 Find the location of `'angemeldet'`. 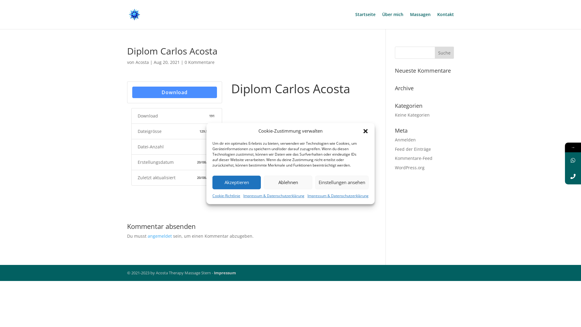

'angemeldet' is located at coordinates (160, 236).